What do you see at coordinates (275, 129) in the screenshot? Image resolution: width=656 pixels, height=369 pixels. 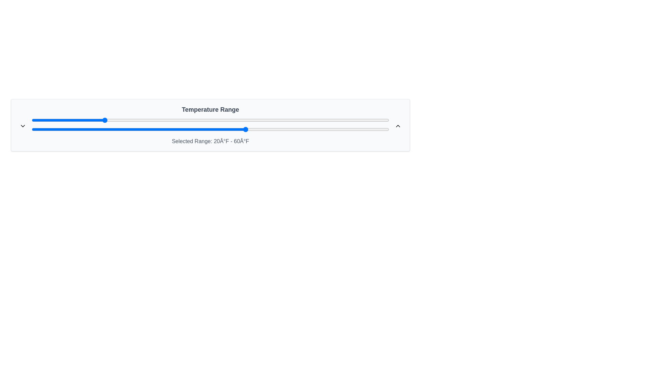 I see `the slider` at bounding box center [275, 129].